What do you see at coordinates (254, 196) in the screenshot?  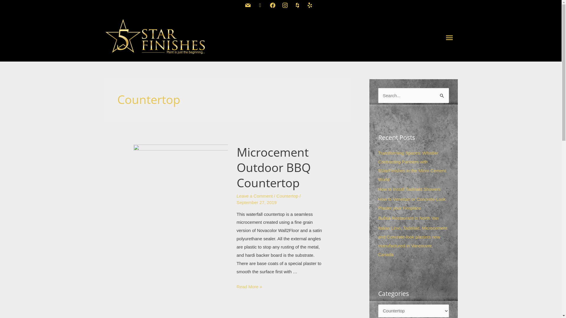 I see `'Leave a Comment'` at bounding box center [254, 196].